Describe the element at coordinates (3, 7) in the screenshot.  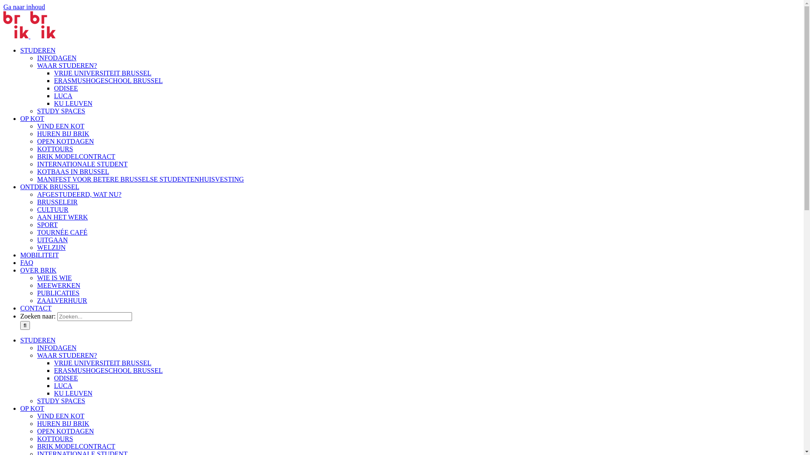
I see `'Ga naar inhoud'` at that location.